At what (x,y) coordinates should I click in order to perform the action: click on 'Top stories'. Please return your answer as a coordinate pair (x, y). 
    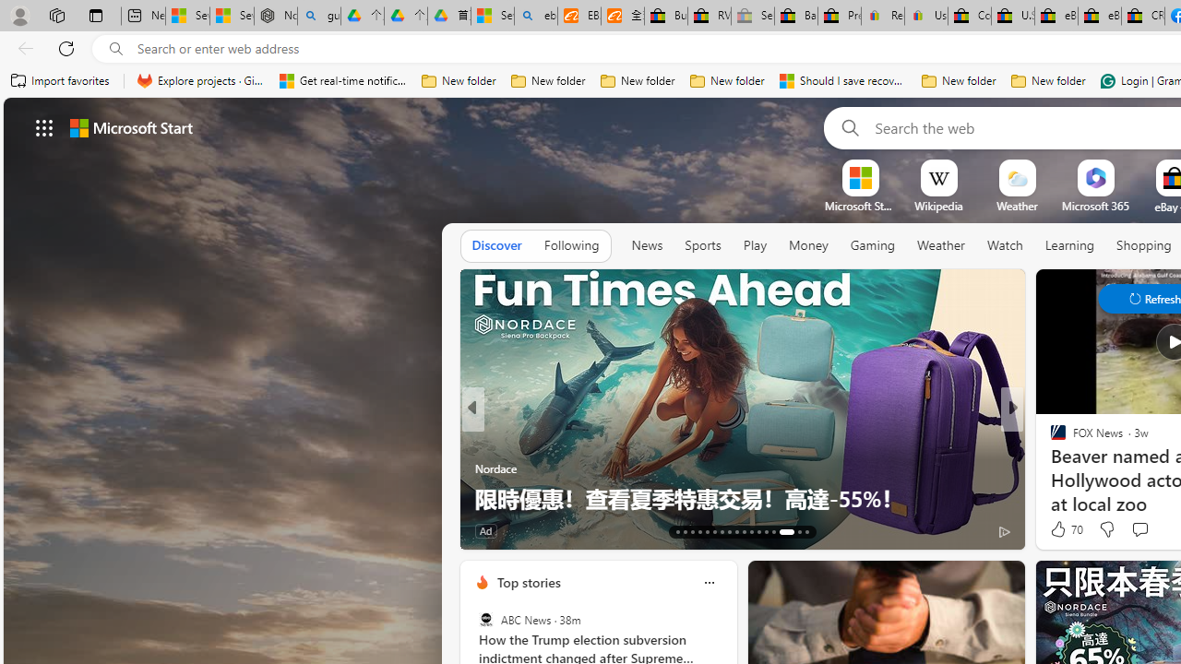
    Looking at the image, I should click on (527, 582).